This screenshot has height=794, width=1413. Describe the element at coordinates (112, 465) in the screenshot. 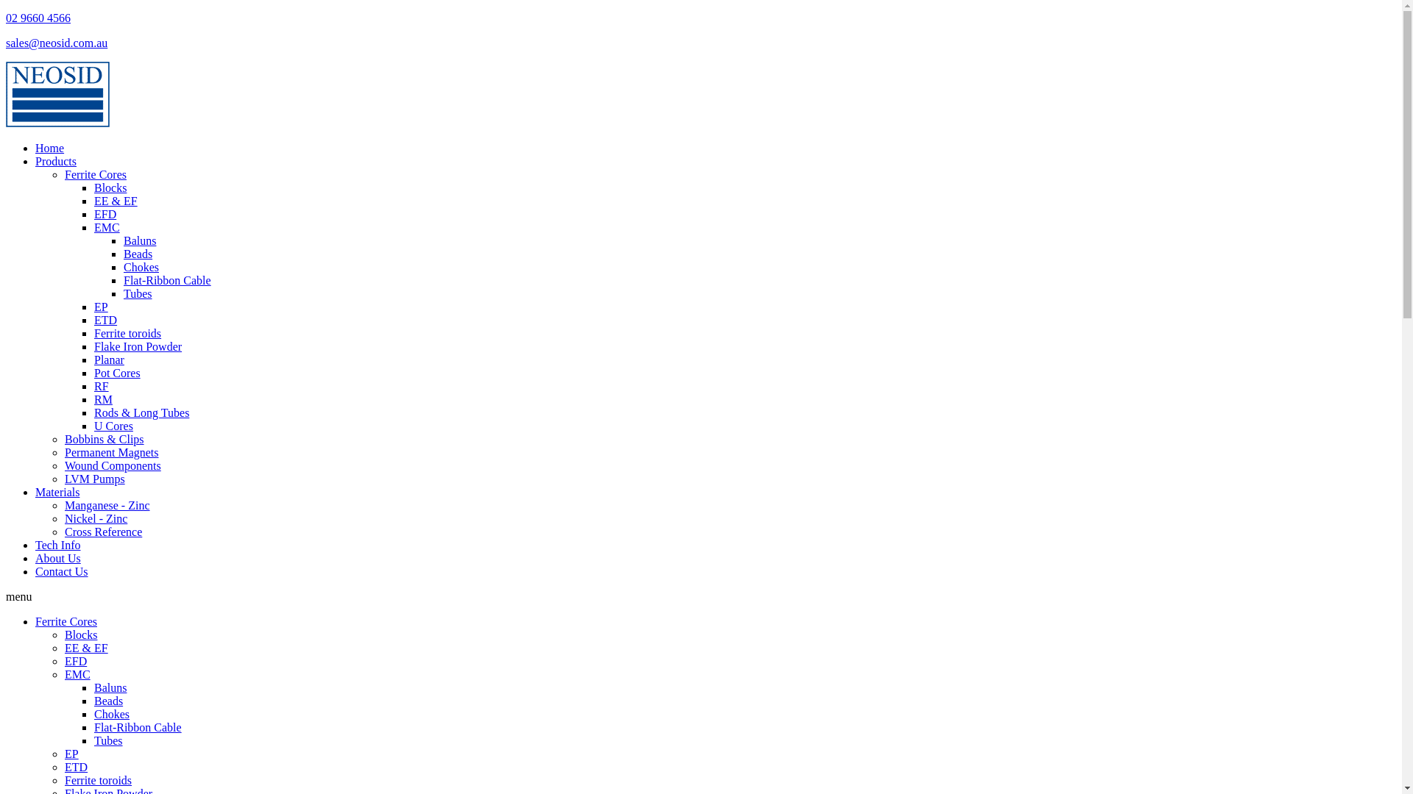

I see `'Wound Components'` at that location.